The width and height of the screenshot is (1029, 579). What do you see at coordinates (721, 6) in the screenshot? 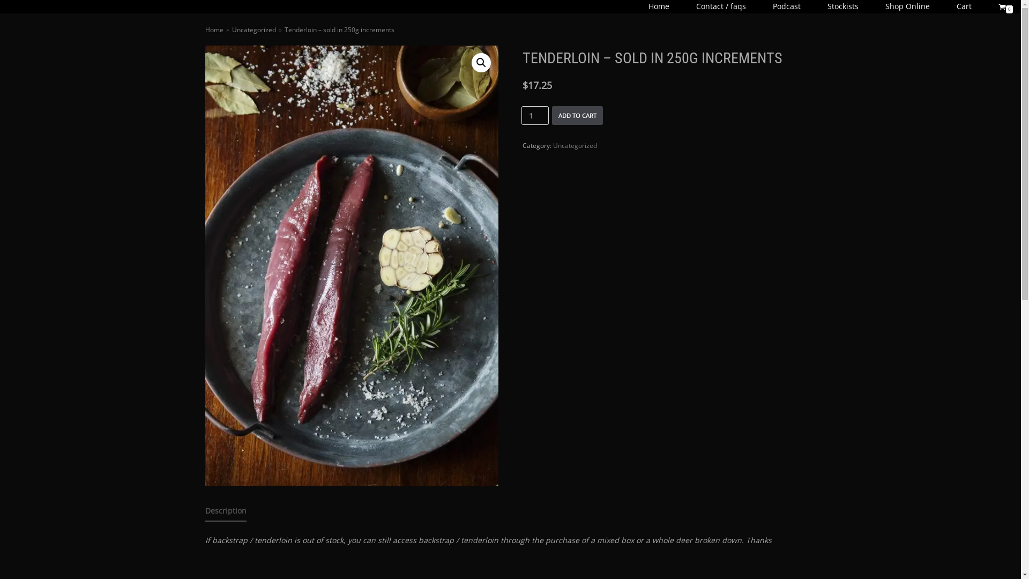
I see `'Contact / faqs'` at bounding box center [721, 6].